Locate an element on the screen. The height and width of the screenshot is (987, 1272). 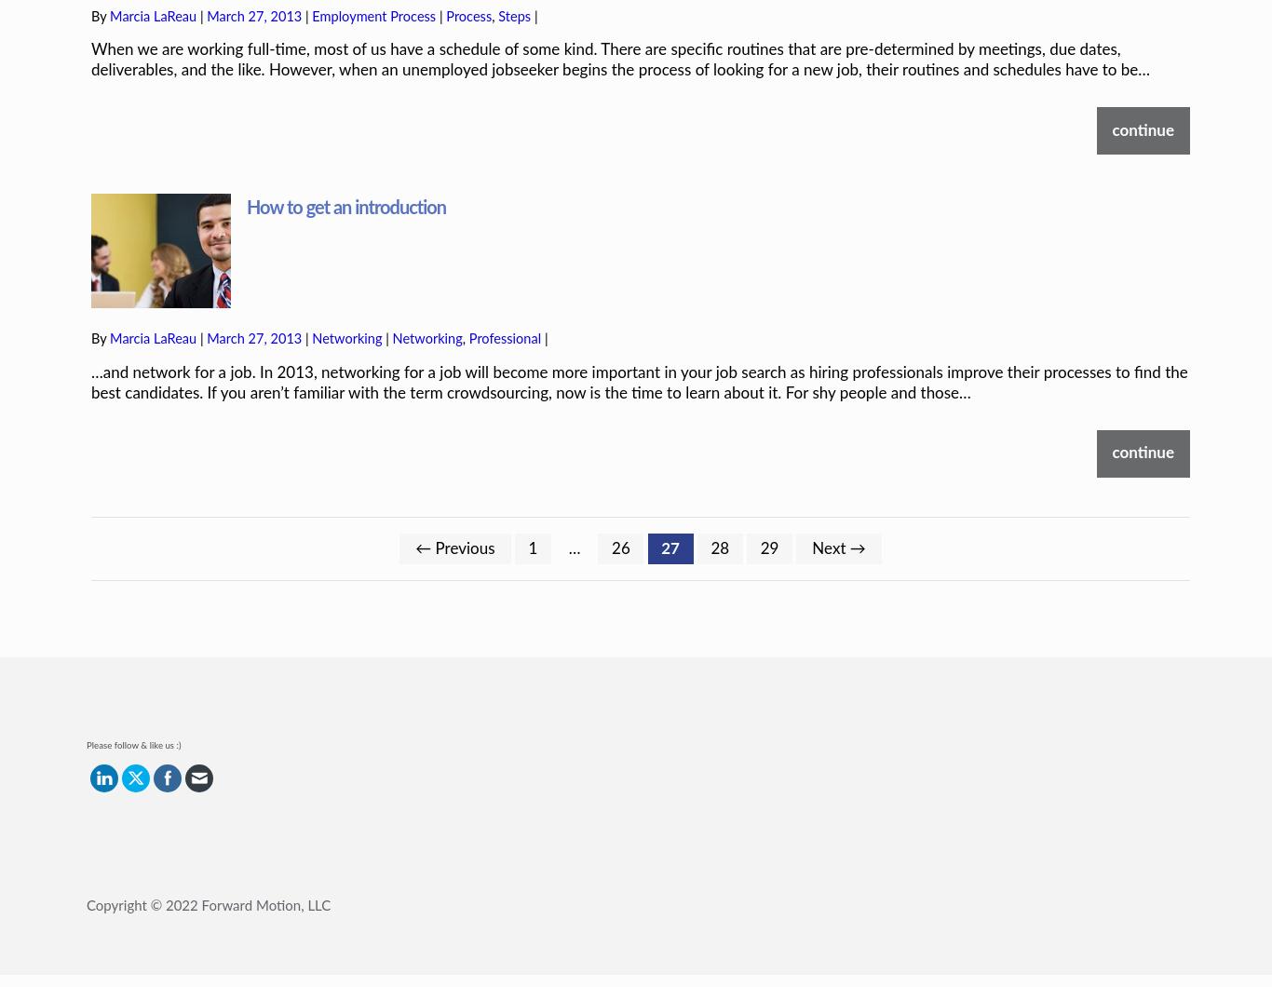
'By' is located at coordinates (90, 276).